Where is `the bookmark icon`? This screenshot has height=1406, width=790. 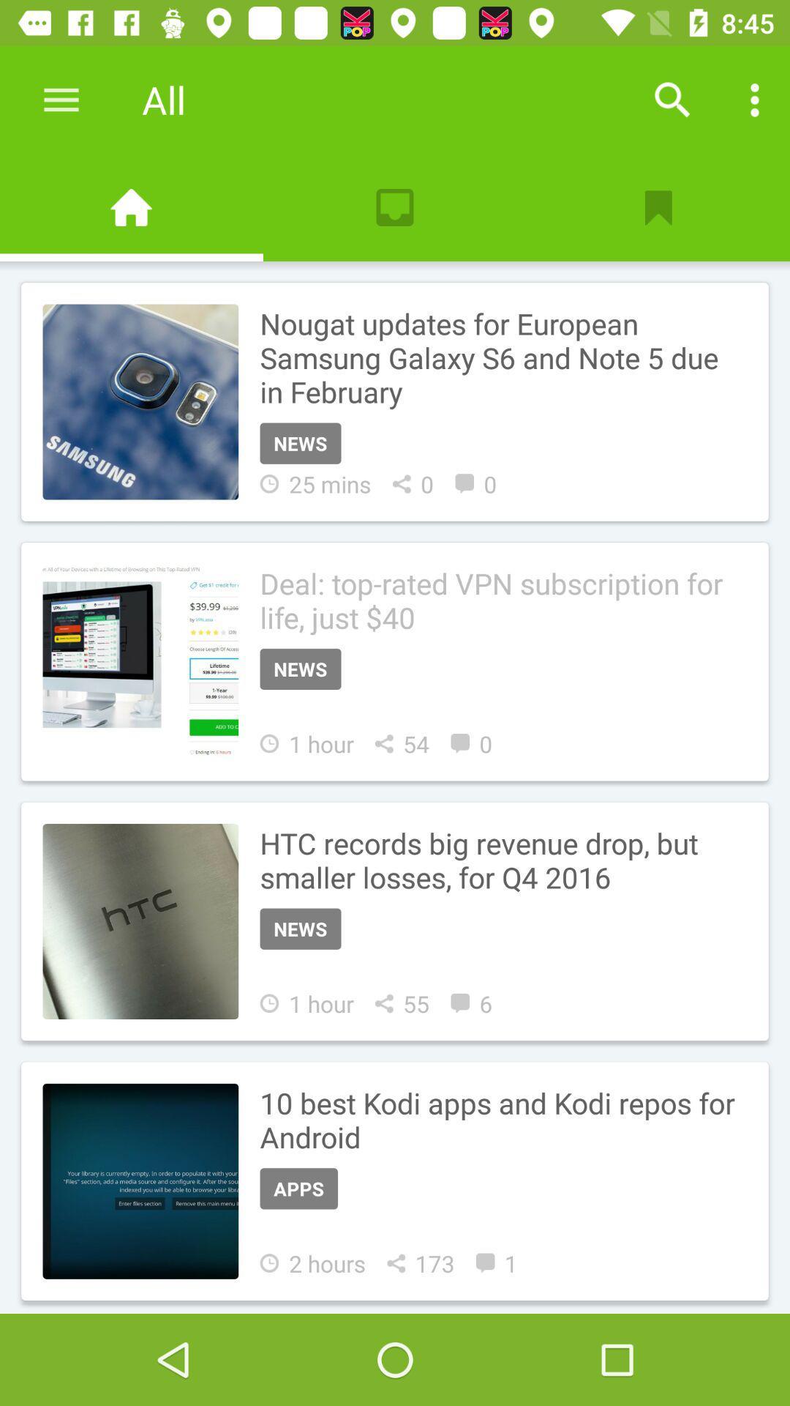 the bookmark icon is located at coordinates (657, 207).